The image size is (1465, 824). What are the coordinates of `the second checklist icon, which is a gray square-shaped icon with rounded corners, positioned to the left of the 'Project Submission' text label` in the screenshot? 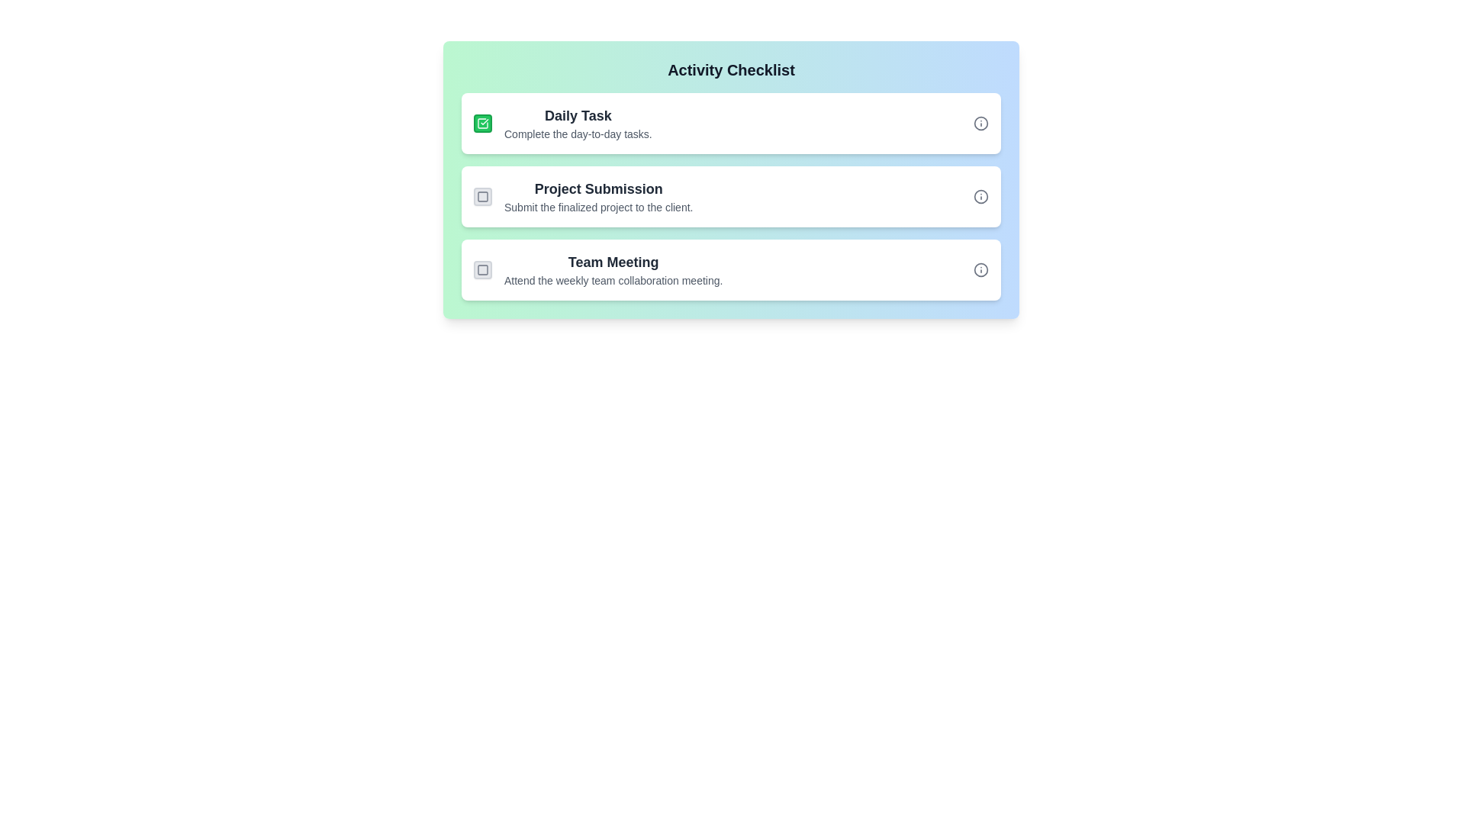 It's located at (482, 196).